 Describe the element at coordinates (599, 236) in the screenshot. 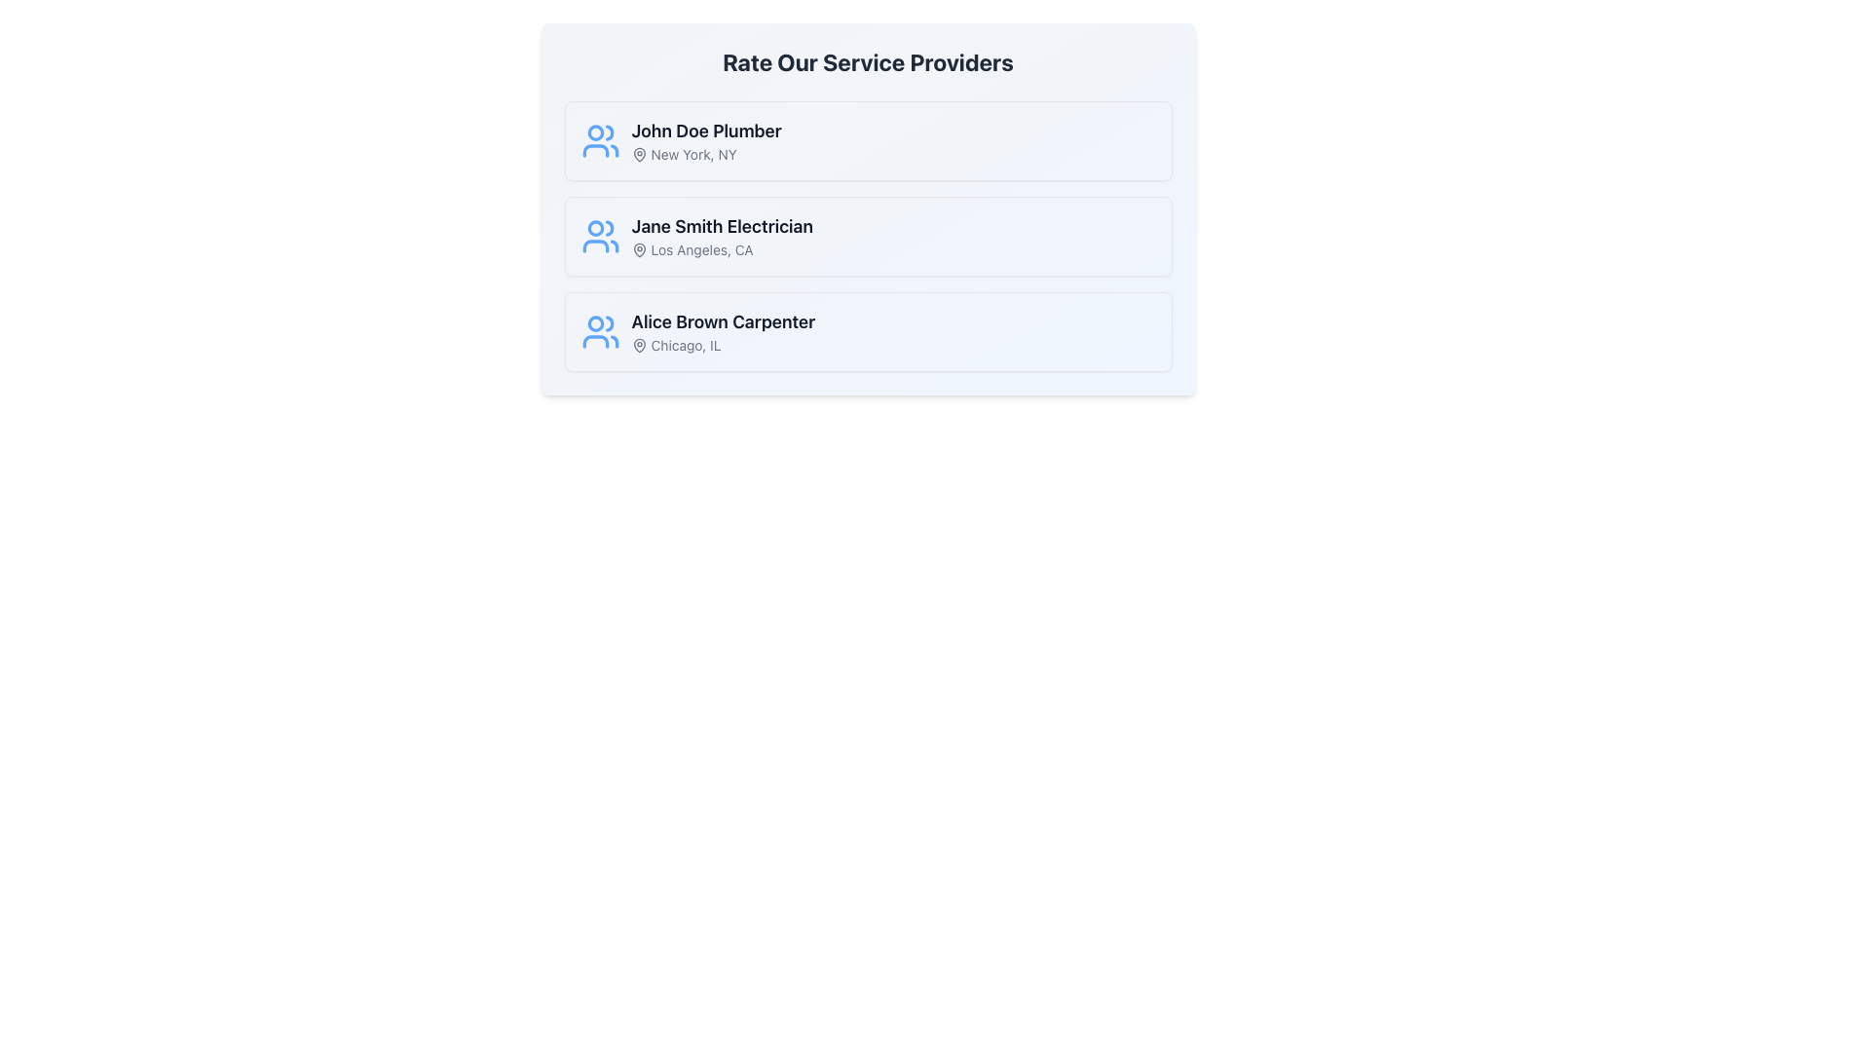

I see `the icon representing the service provider 'Jane Smith Electrician', which is located on the left side of the entry in a list of service providers` at that location.